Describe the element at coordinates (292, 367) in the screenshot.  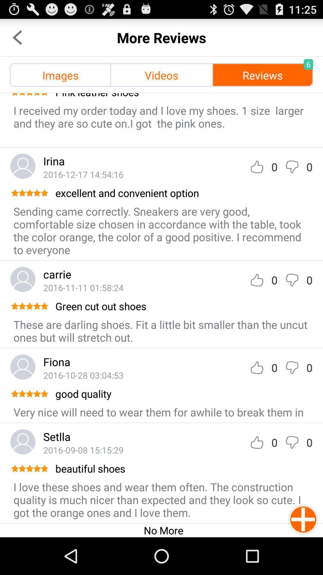
I see `dislikes the review` at that location.